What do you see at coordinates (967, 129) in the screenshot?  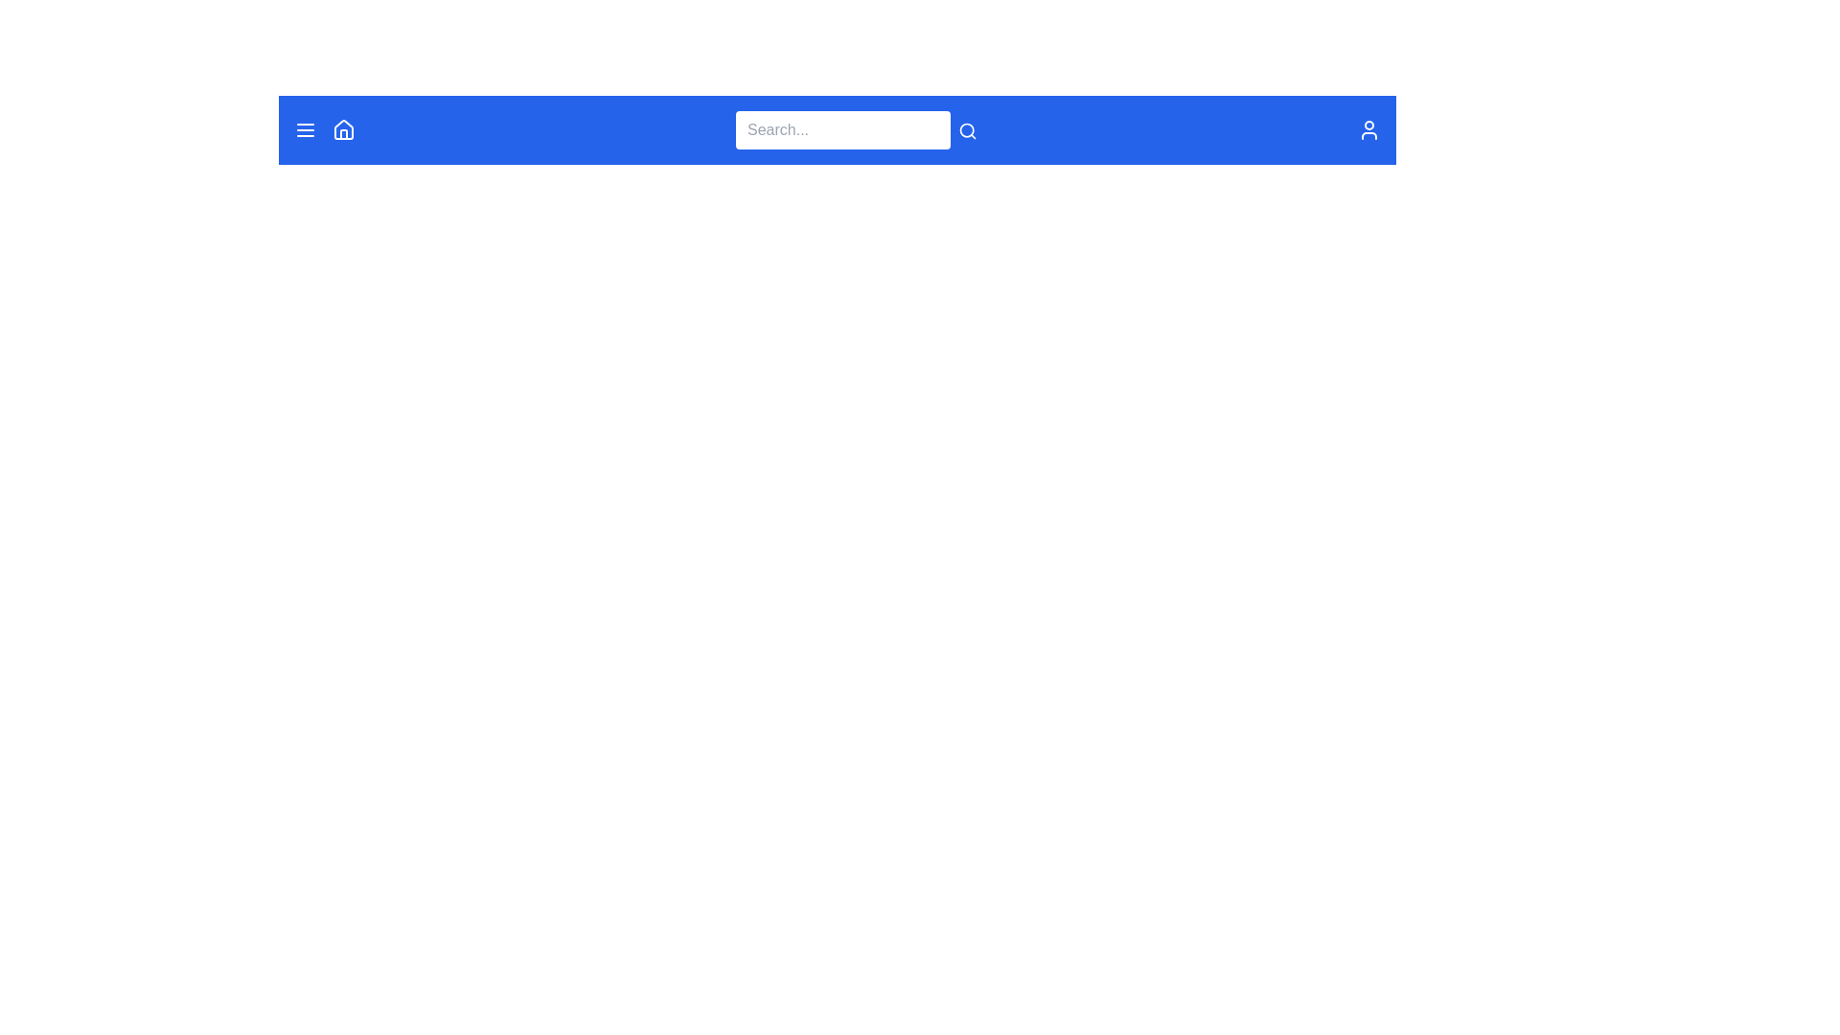 I see `the SVG circle element representing the magnifying glass icon located in the blue navigation bar next to the search bar` at bounding box center [967, 129].